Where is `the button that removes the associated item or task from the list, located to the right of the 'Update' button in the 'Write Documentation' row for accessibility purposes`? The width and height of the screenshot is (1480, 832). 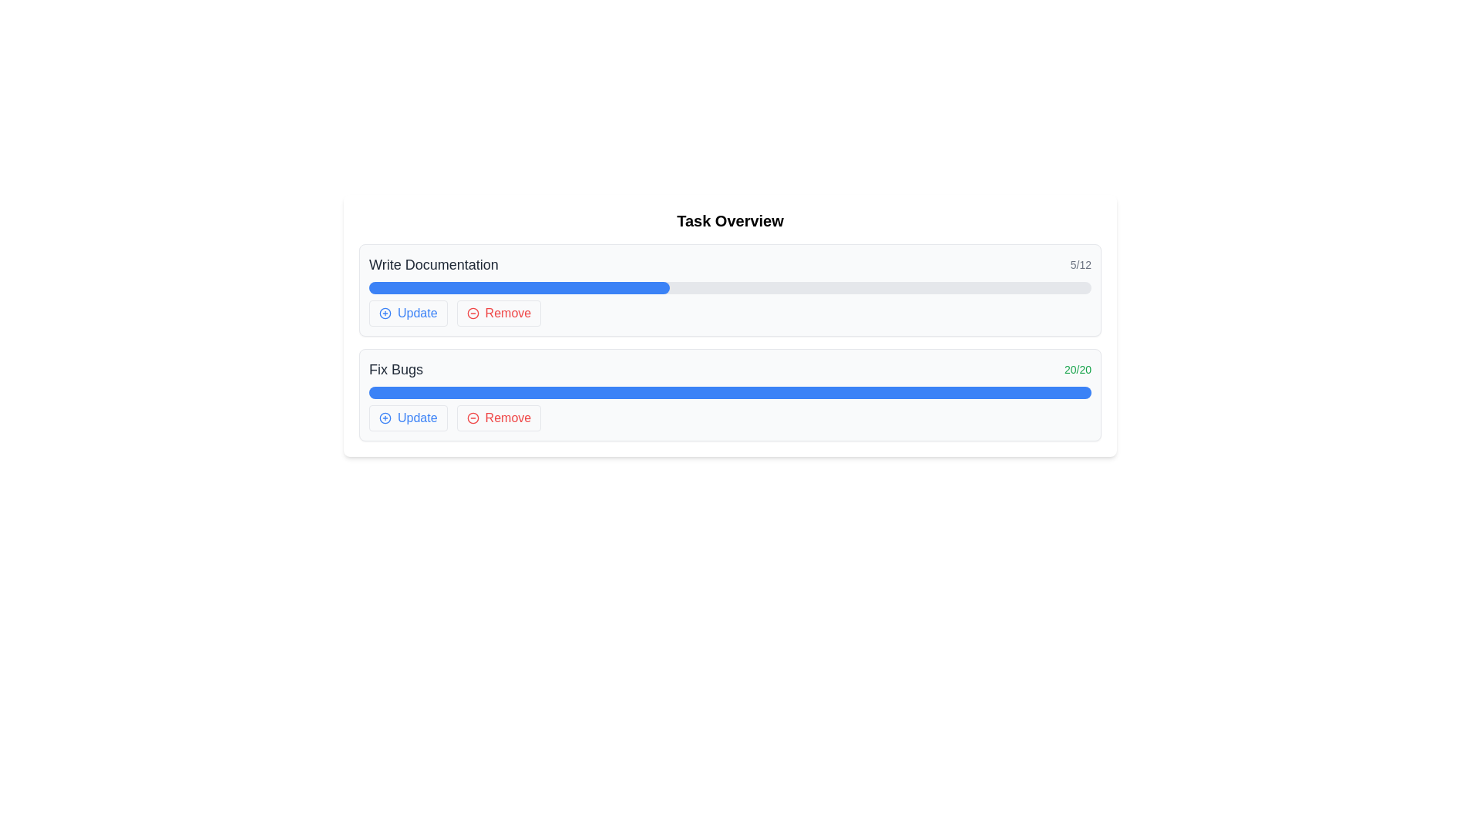
the button that removes the associated item or task from the list, located to the right of the 'Update' button in the 'Write Documentation' row for accessibility purposes is located at coordinates (499, 313).